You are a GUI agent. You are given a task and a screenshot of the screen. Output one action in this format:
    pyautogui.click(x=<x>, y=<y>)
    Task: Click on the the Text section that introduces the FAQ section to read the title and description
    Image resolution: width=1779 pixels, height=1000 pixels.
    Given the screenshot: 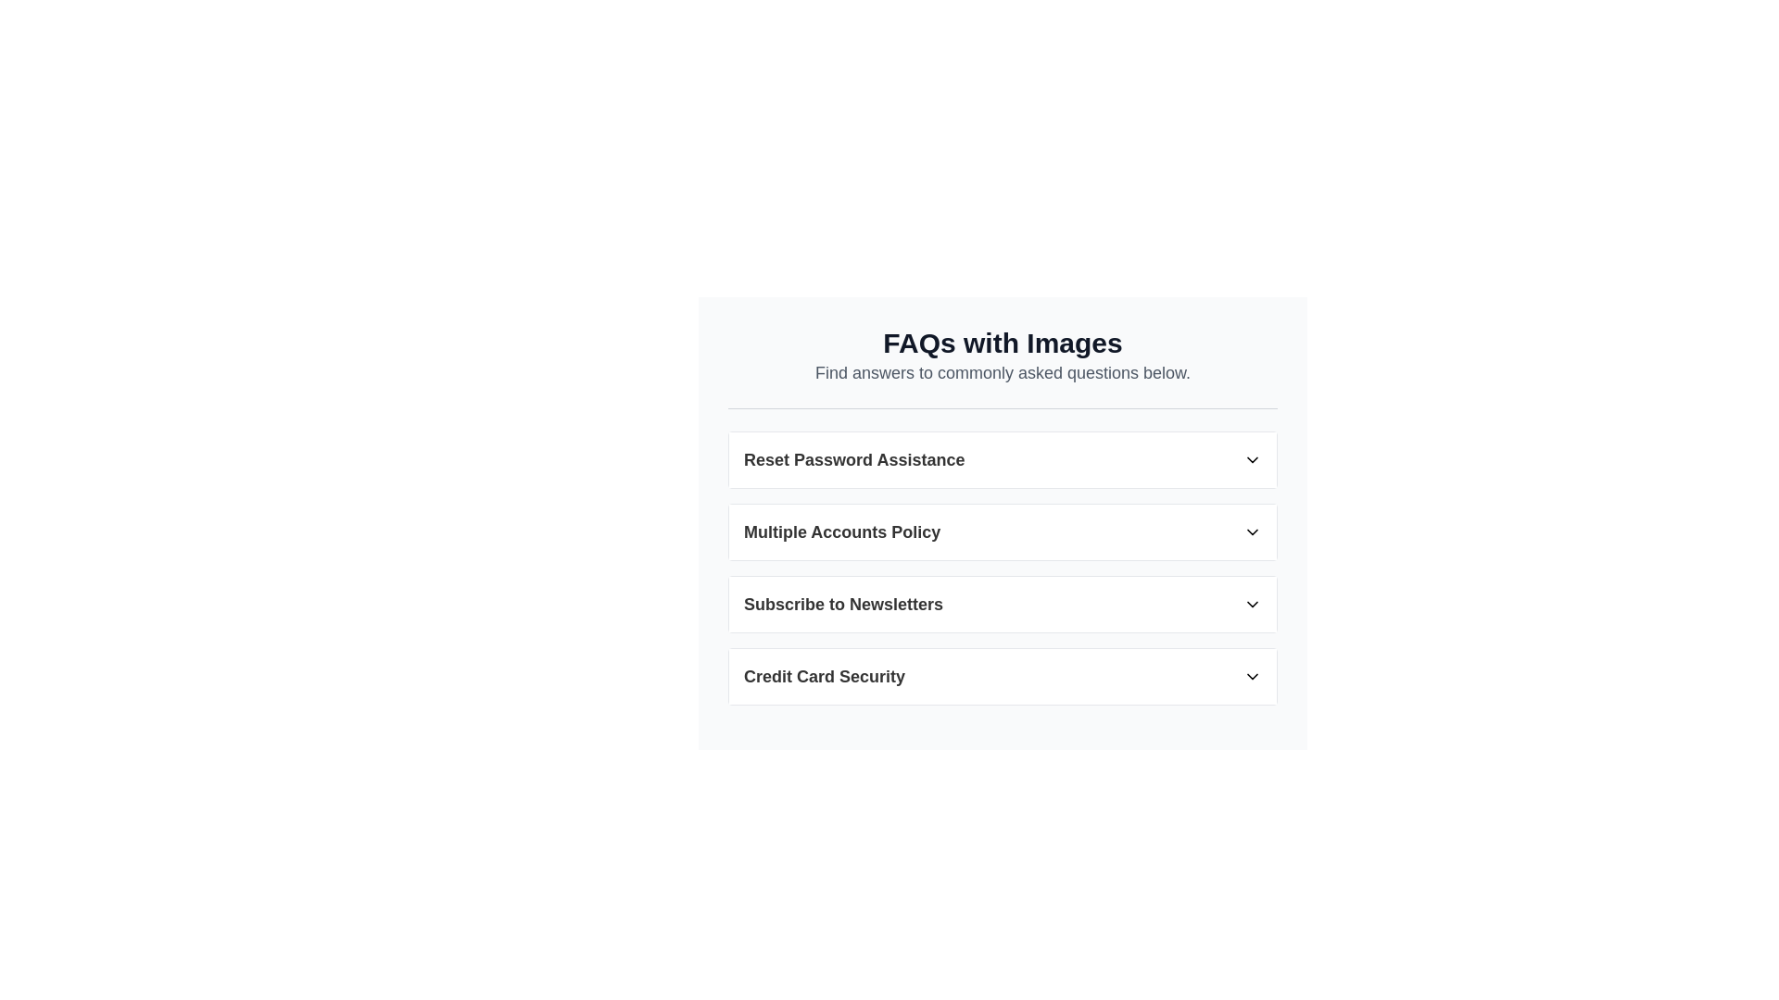 What is the action you would take?
    pyautogui.click(x=1002, y=368)
    